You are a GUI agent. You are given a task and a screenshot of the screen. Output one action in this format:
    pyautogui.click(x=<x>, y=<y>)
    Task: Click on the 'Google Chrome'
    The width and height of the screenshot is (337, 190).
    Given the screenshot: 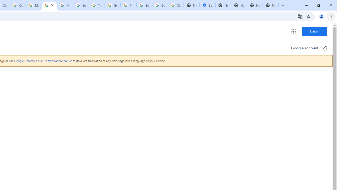 What is the action you would take?
    pyautogui.click(x=43, y=61)
    